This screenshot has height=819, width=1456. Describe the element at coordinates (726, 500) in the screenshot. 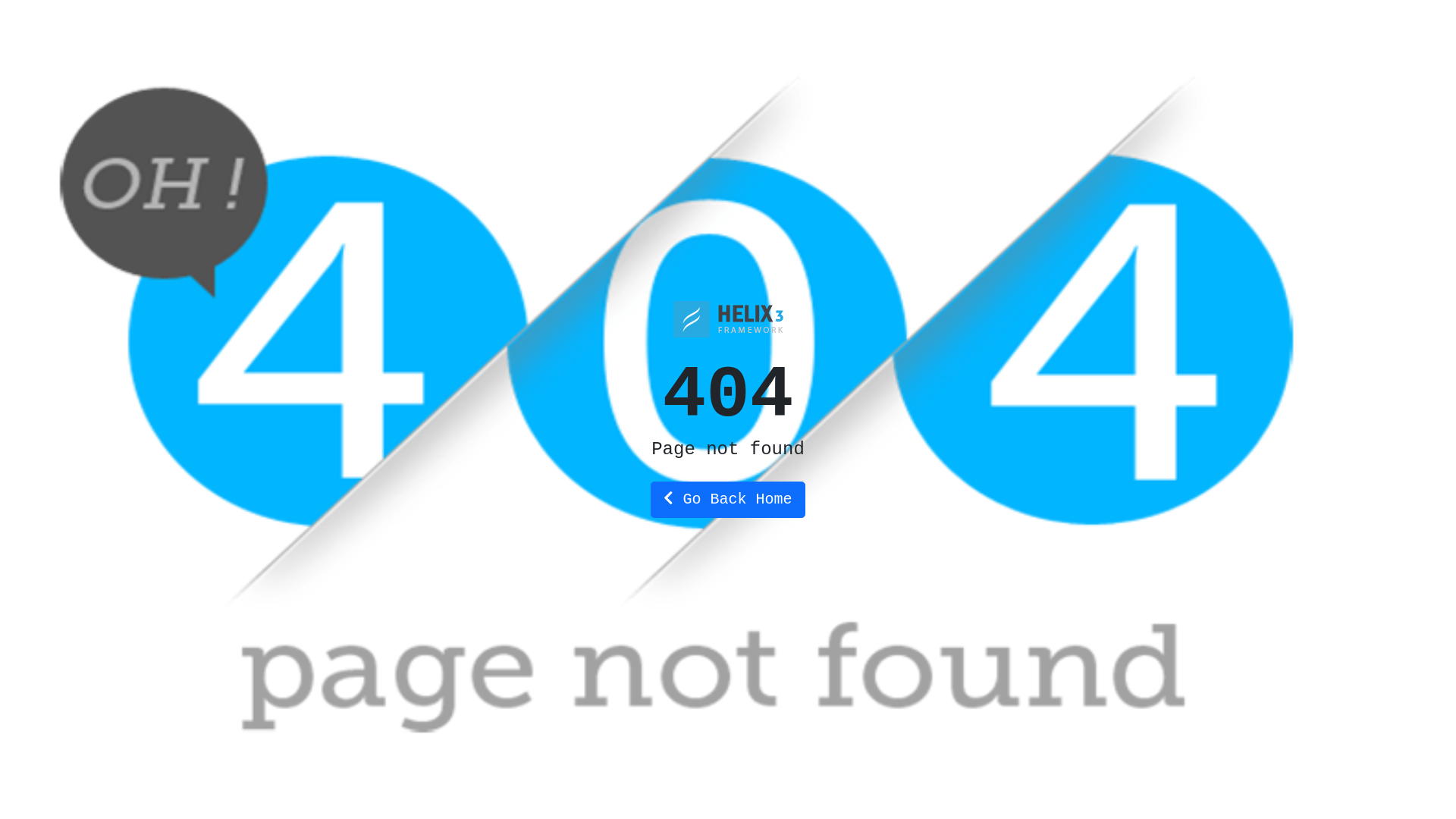

I see `'Go Back Home'` at that location.